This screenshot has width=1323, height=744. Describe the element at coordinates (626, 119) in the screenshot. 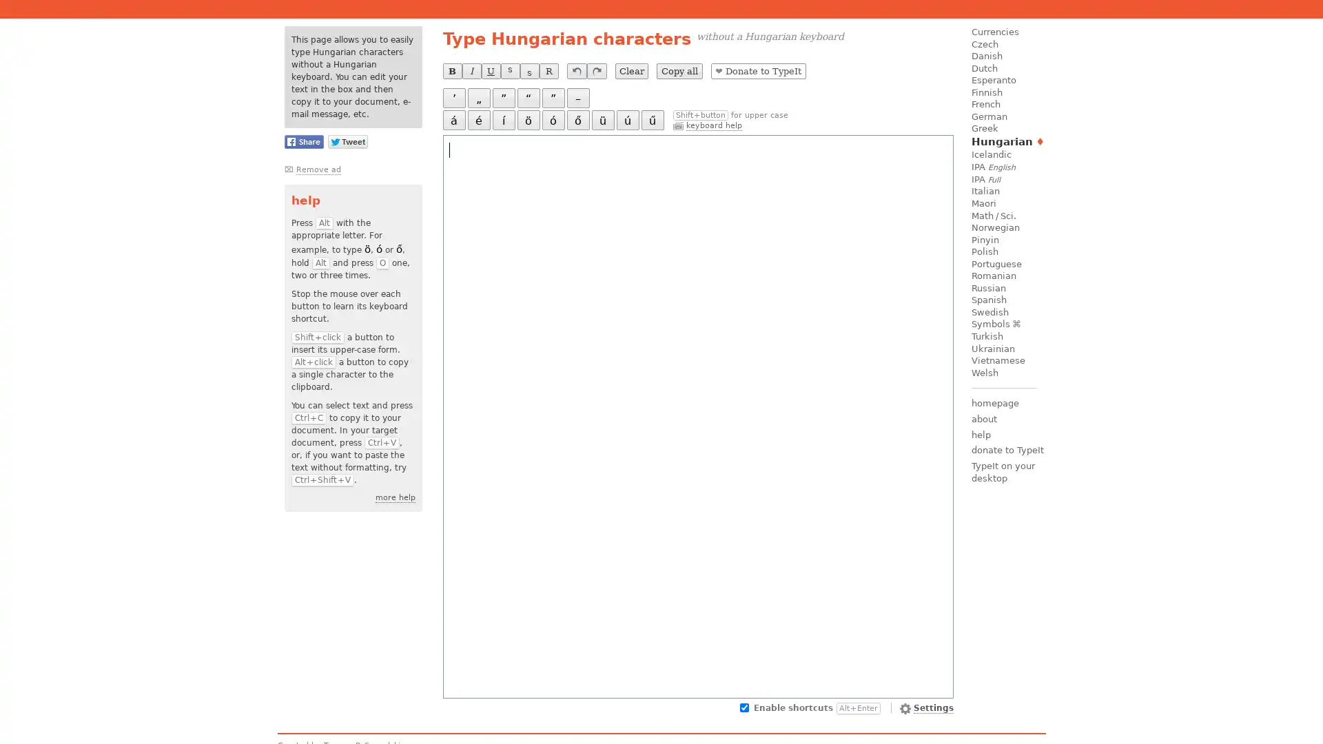

I see `u` at that location.